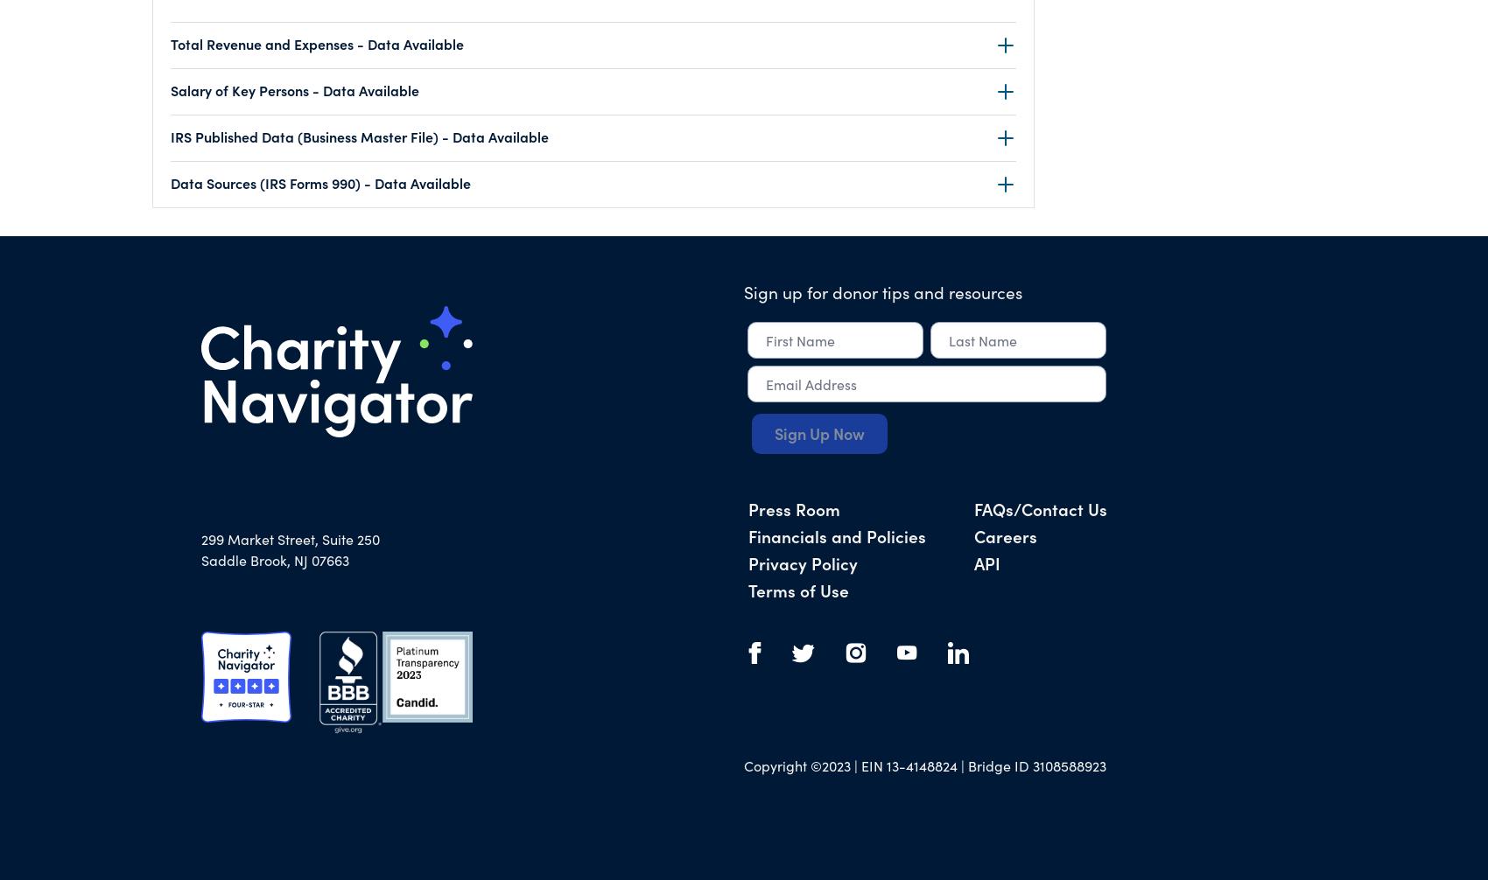 The width and height of the screenshot is (1488, 880). I want to click on 'IRS Published Data (Business Master File) - Data Available', so click(359, 136).